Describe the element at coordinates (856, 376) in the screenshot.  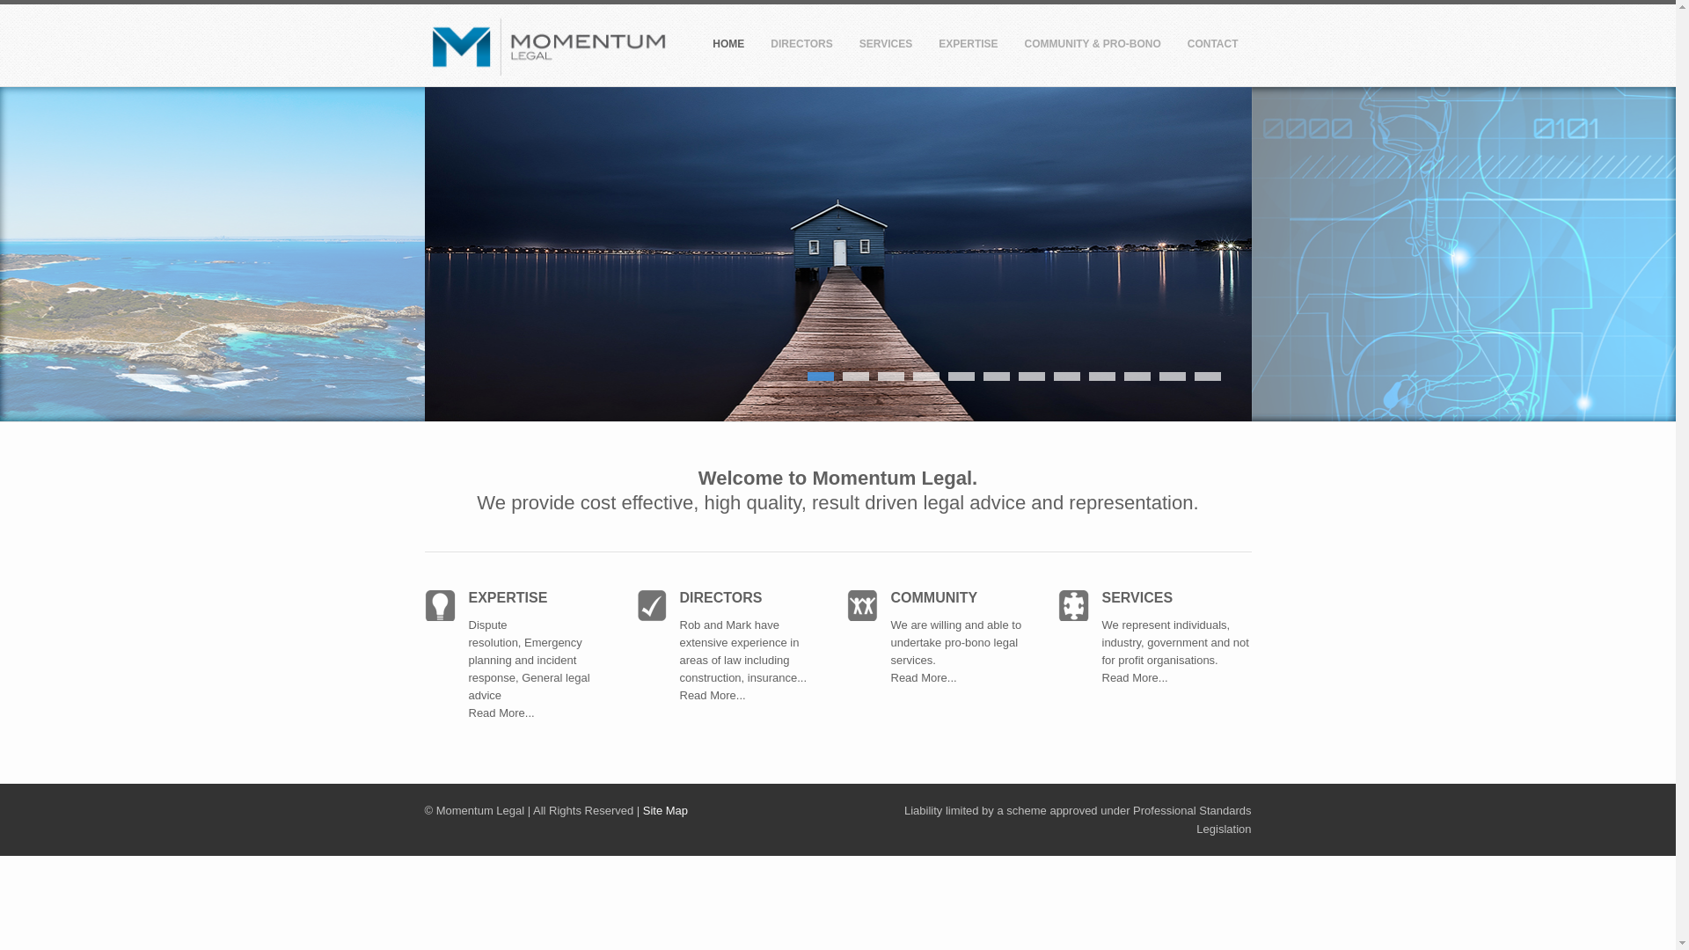
I see `'2'` at that location.